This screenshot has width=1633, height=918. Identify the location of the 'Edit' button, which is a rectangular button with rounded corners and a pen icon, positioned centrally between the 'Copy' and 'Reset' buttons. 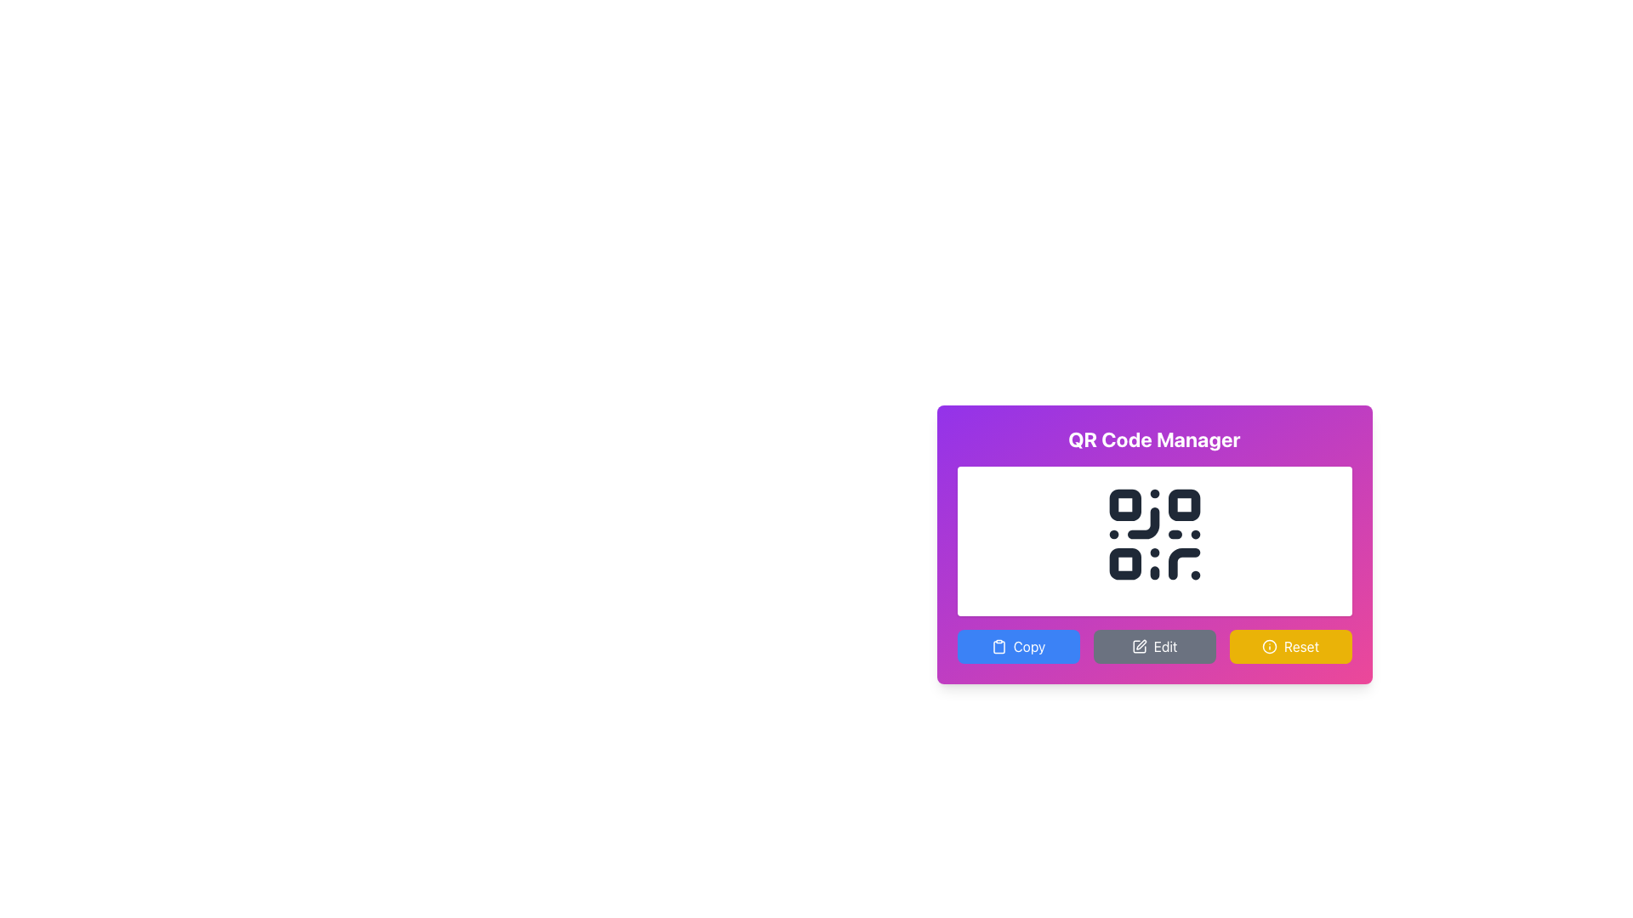
(1154, 646).